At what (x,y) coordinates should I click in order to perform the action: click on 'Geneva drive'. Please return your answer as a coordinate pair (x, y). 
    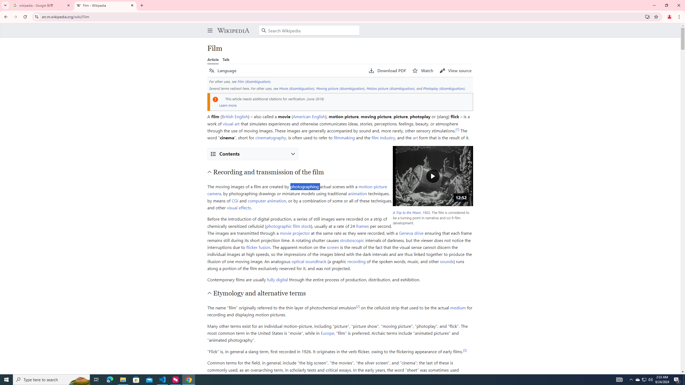
    Looking at the image, I should click on (411, 233).